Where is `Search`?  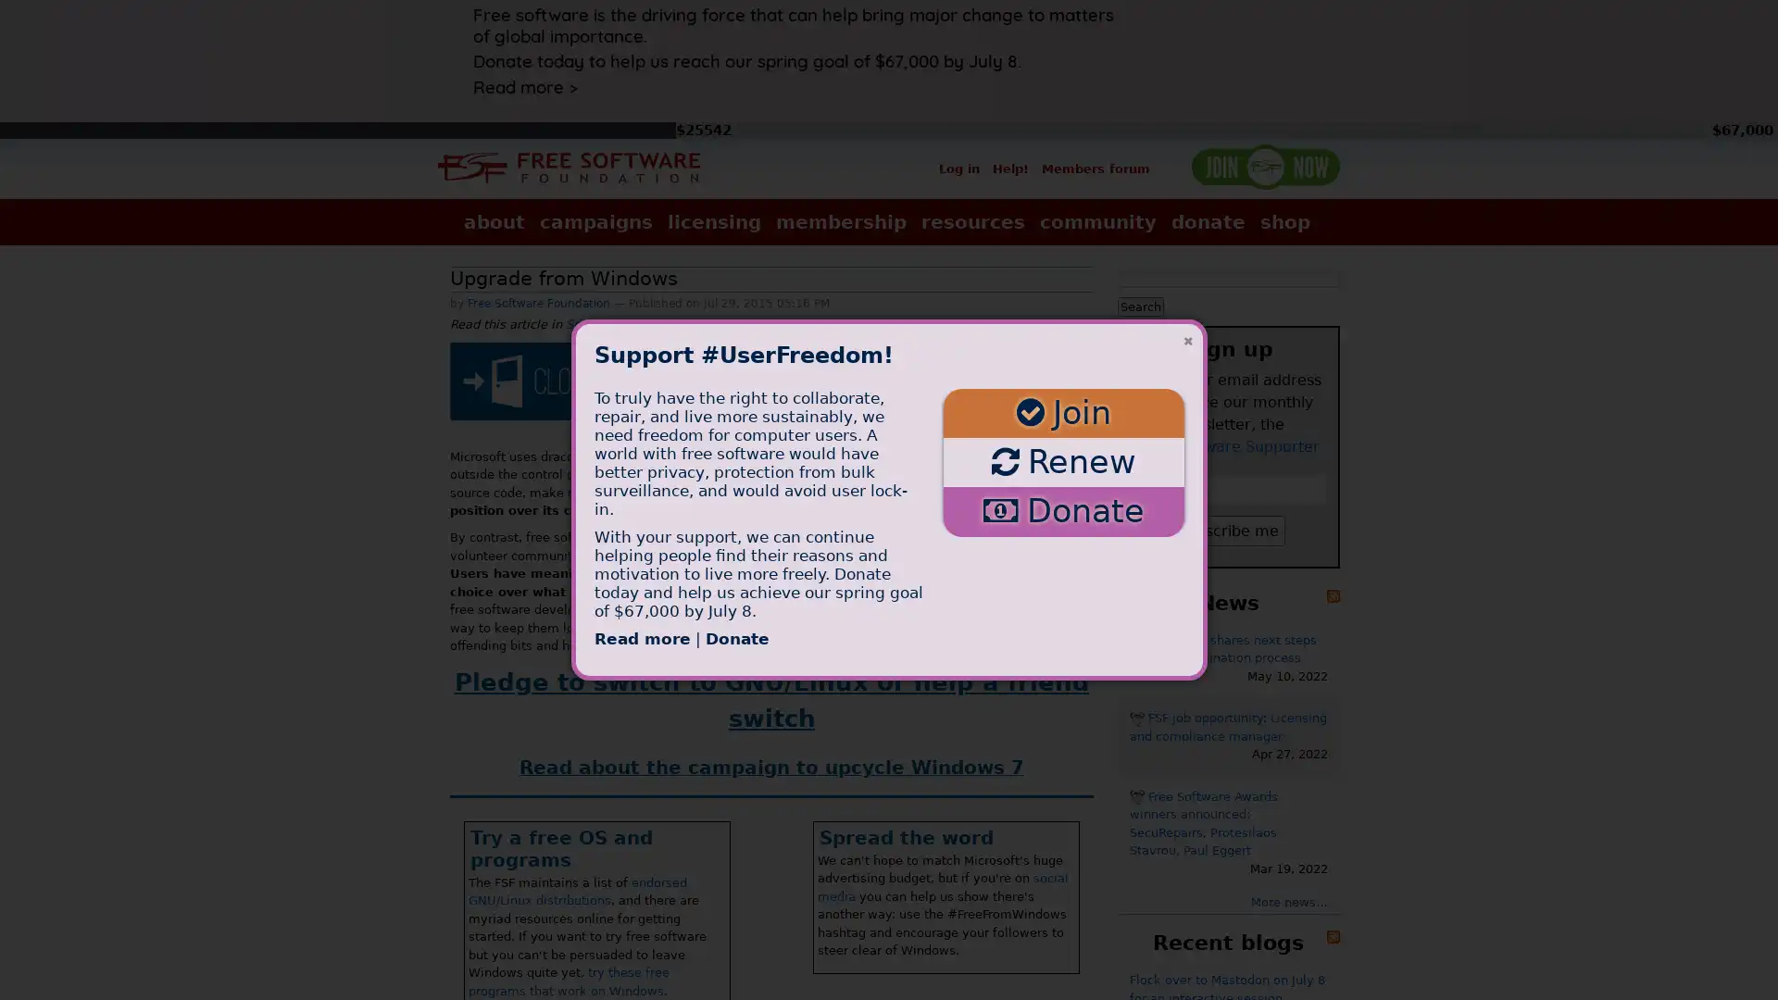
Search is located at coordinates (1140, 305).